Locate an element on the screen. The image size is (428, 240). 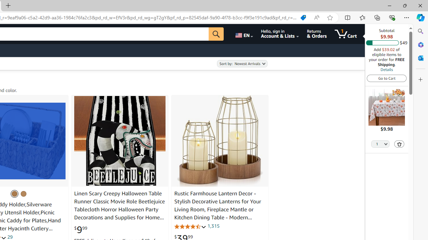
'Returns & Orders' is located at coordinates (316, 34).